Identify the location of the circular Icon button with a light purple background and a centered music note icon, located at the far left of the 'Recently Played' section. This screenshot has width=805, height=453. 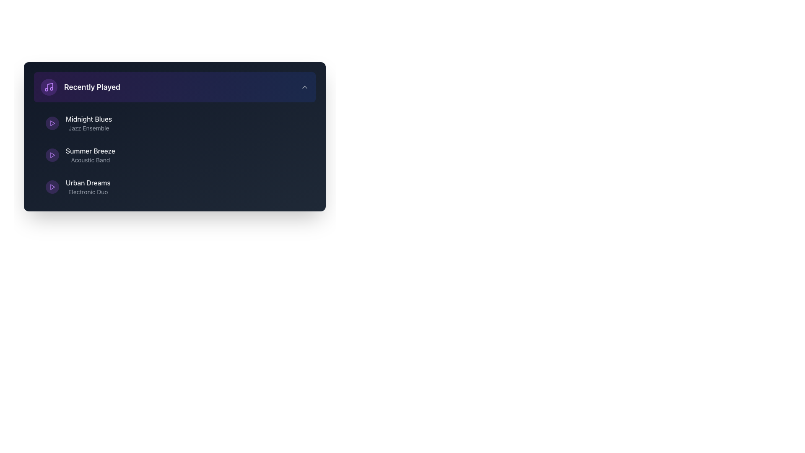
(48, 87).